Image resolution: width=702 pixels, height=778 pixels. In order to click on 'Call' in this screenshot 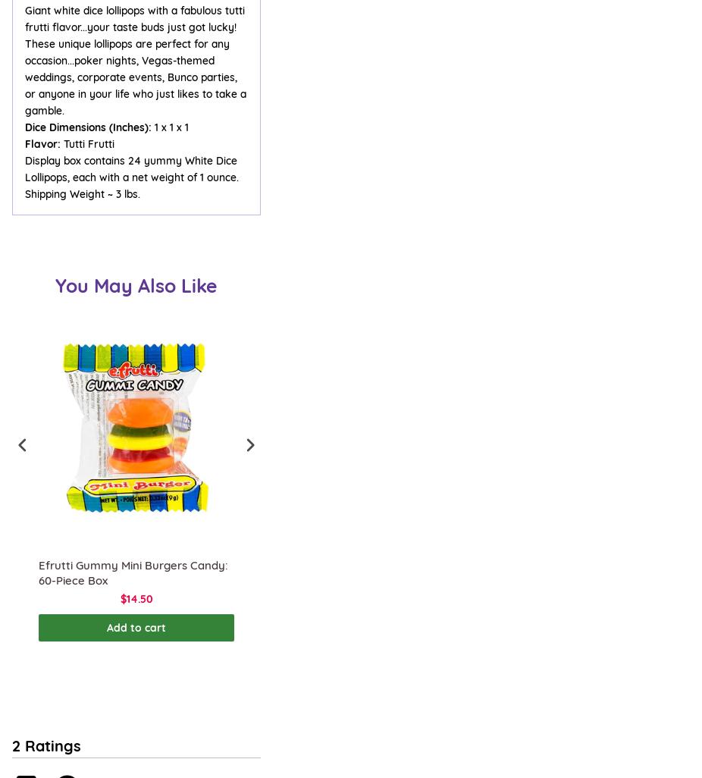, I will do `click(20, 731)`.